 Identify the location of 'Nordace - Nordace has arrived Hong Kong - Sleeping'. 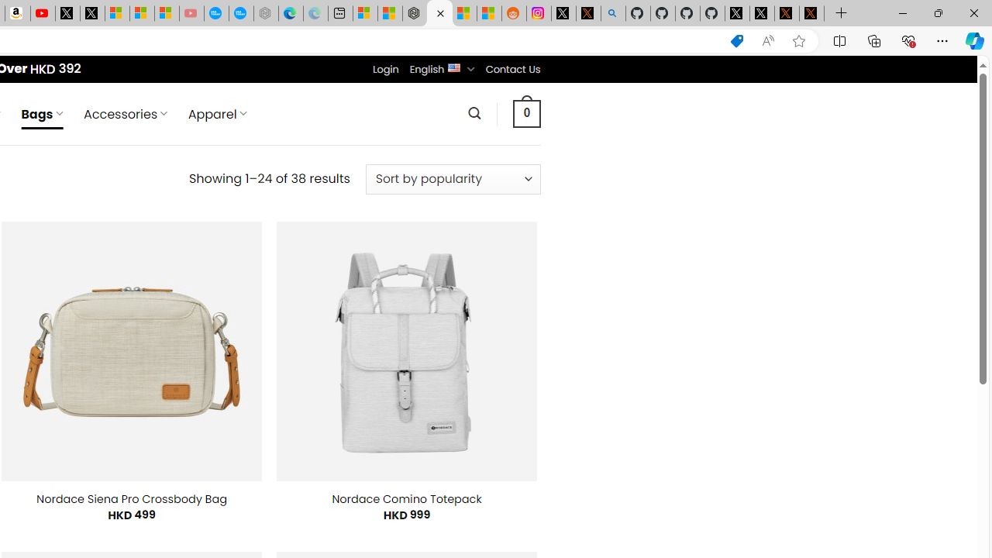
(266, 13).